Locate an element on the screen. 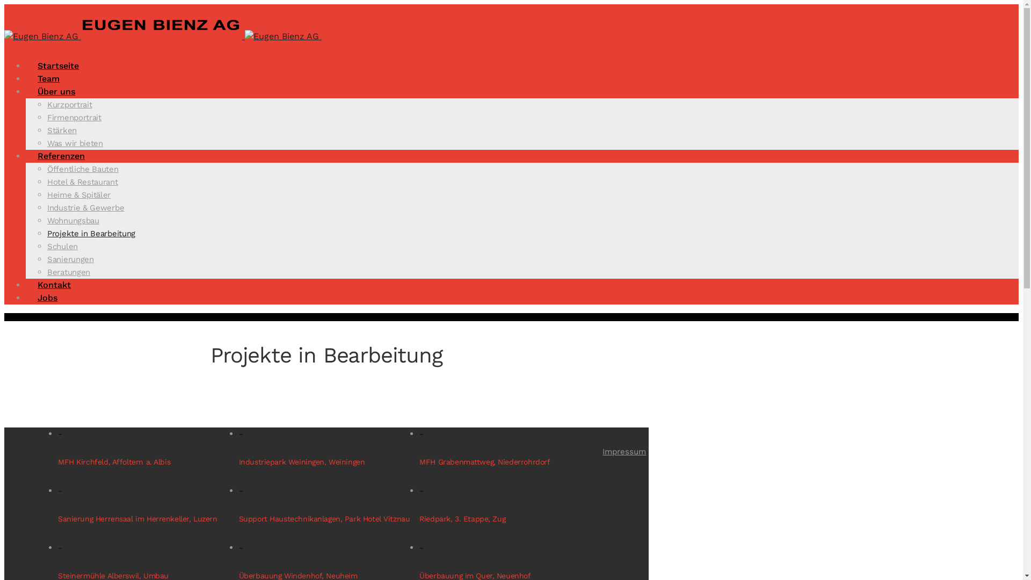 Image resolution: width=1031 pixels, height=580 pixels. 'Team' is located at coordinates (48, 78).